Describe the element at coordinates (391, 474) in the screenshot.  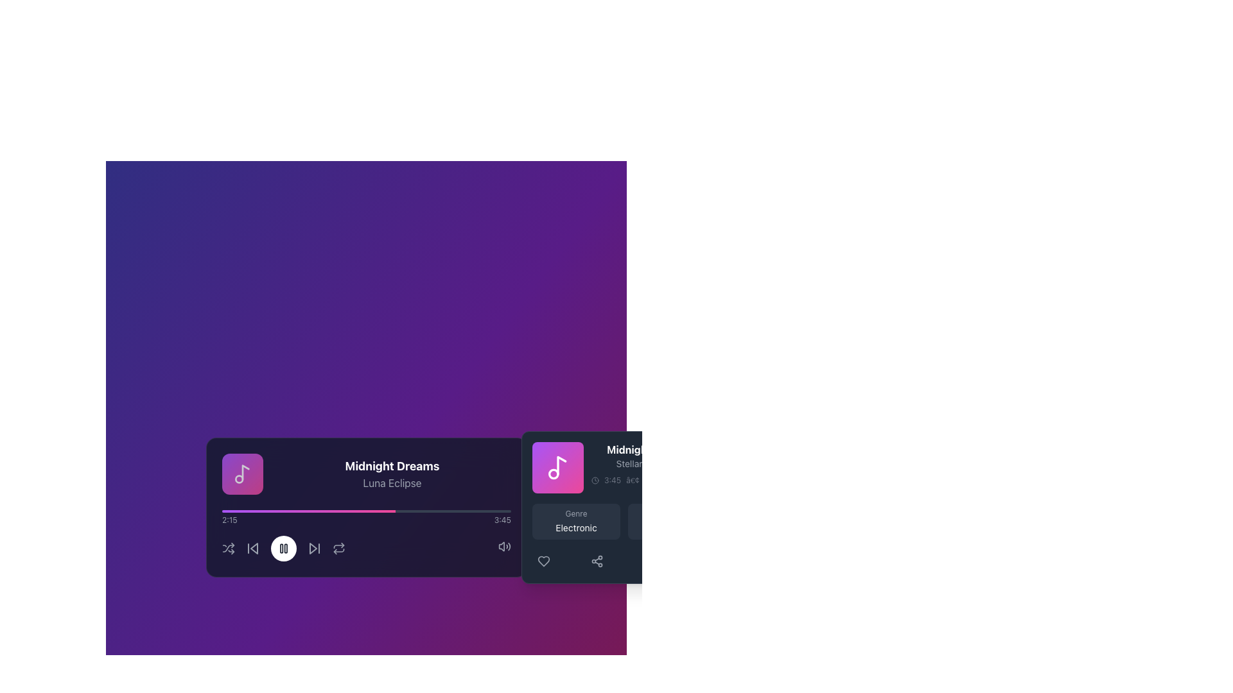
I see `information displayed in the Text block showing the media title 'Midnight Dreams' and artist name 'Luna Eclipse' located in the media player interface, positioned centrally among sibling elements` at that location.